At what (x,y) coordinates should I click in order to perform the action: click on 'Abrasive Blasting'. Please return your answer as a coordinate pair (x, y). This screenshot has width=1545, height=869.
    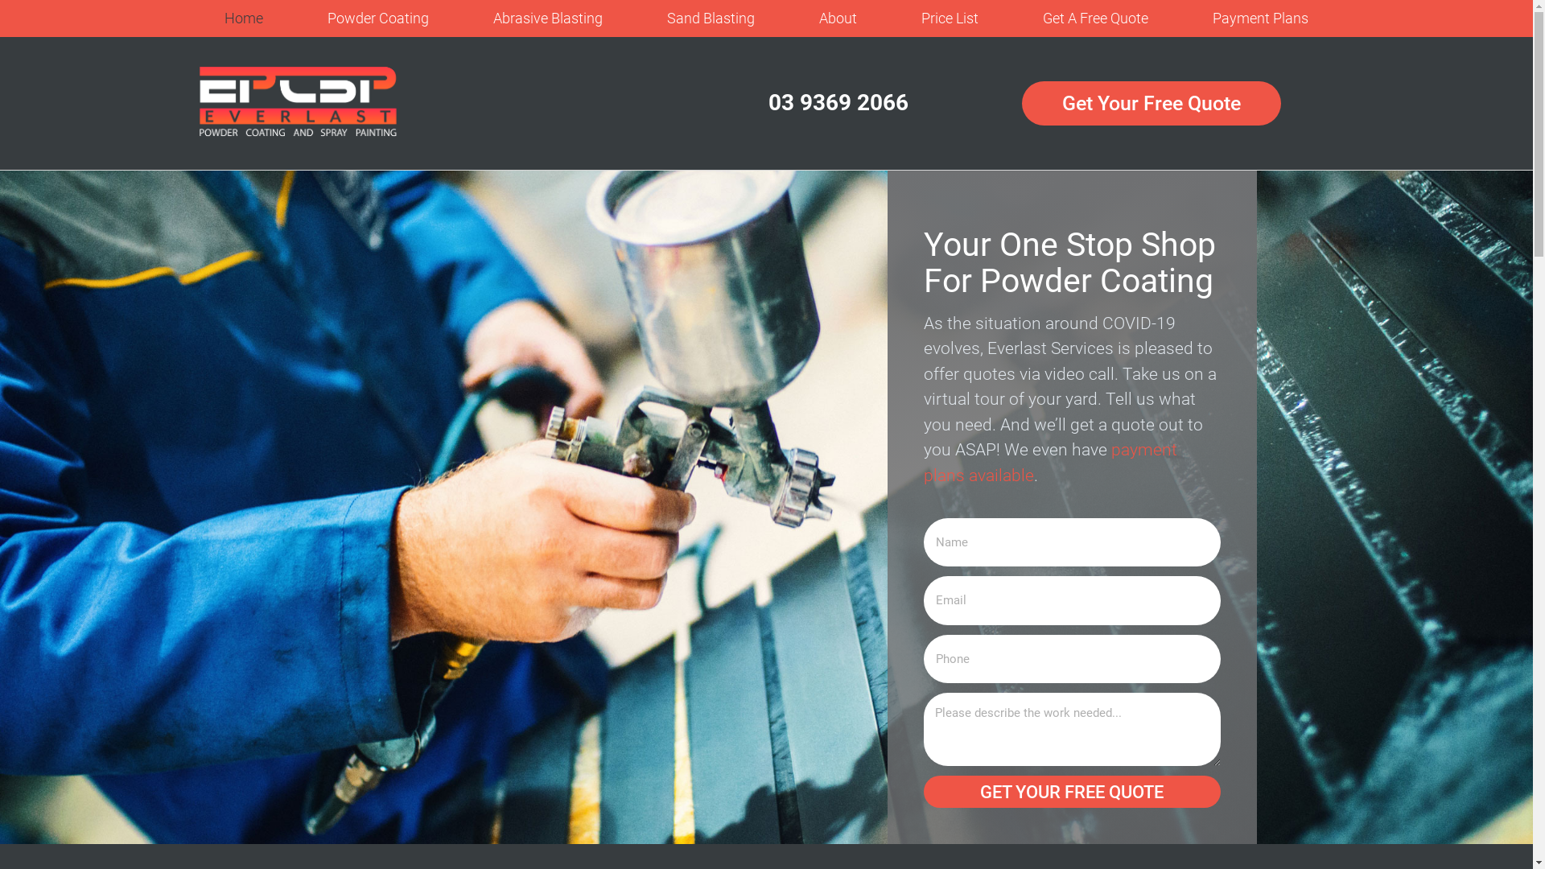
    Looking at the image, I should click on (459, 19).